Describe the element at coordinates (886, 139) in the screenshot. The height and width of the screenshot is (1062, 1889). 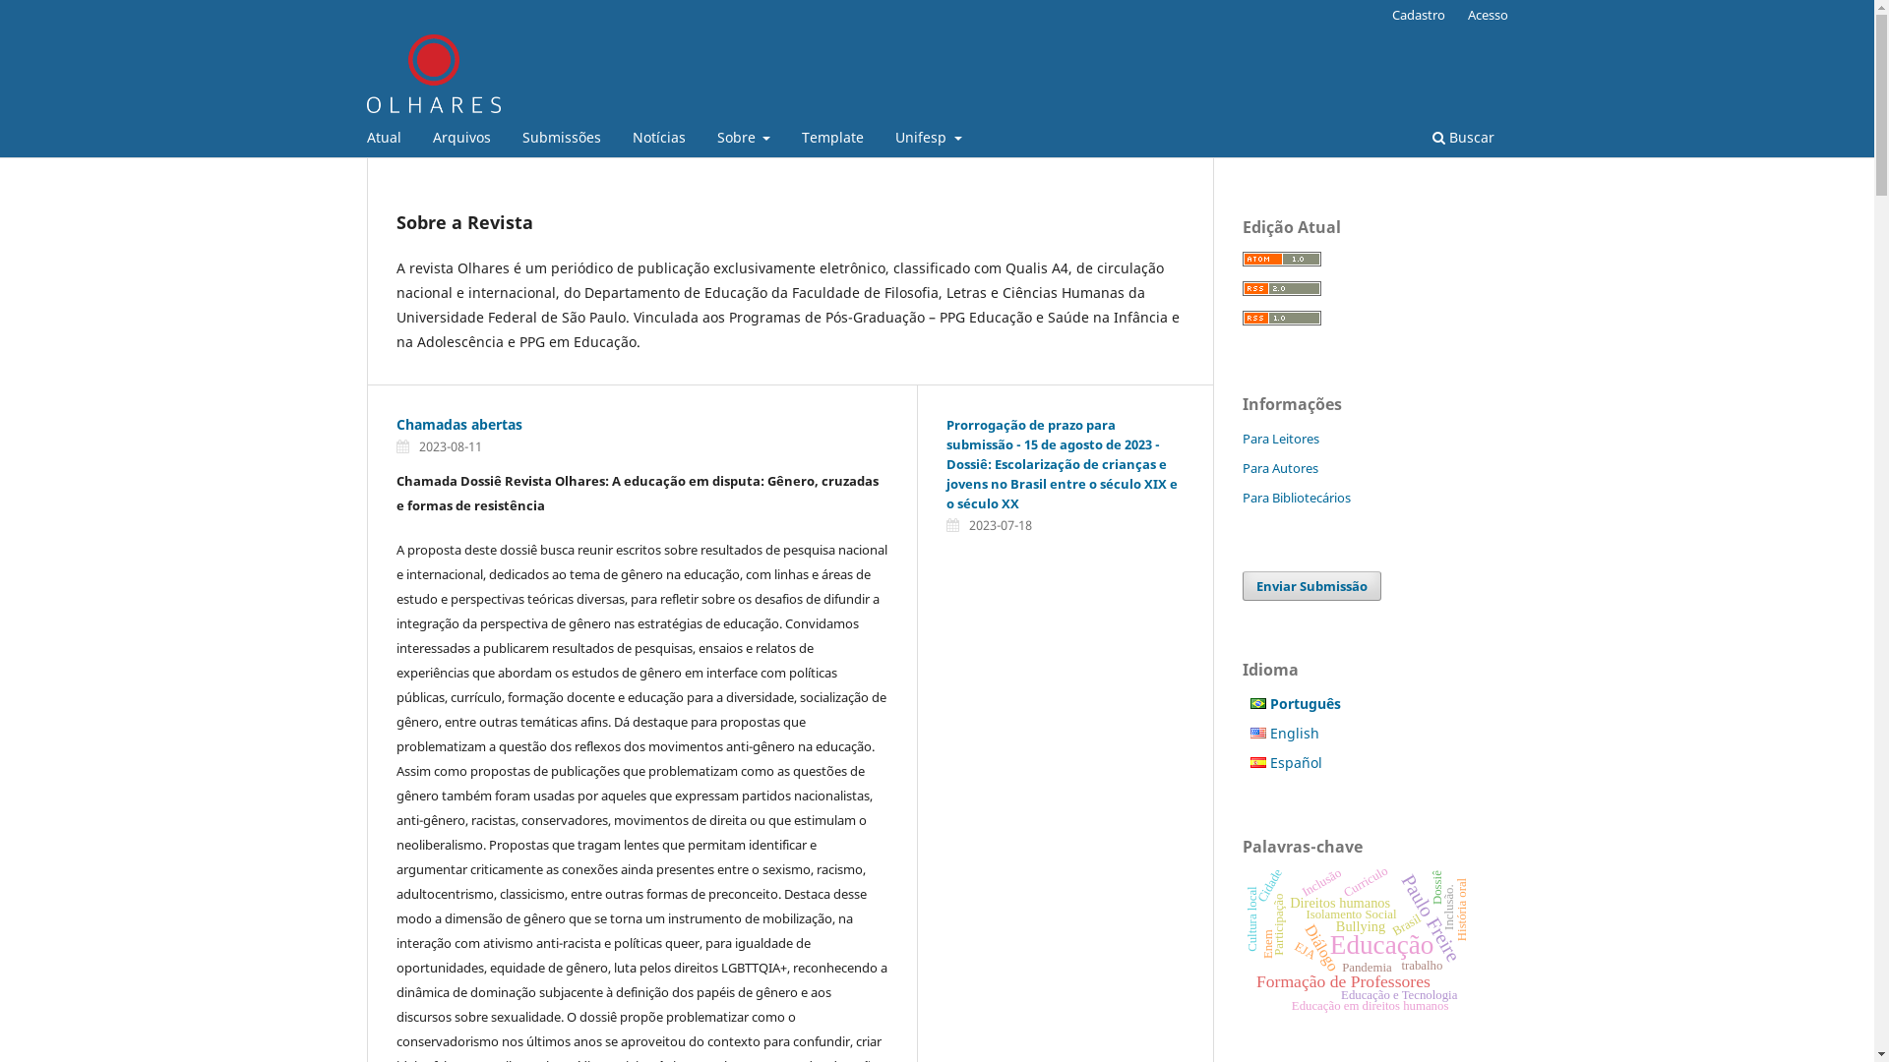
I see `'Unifesp'` at that location.